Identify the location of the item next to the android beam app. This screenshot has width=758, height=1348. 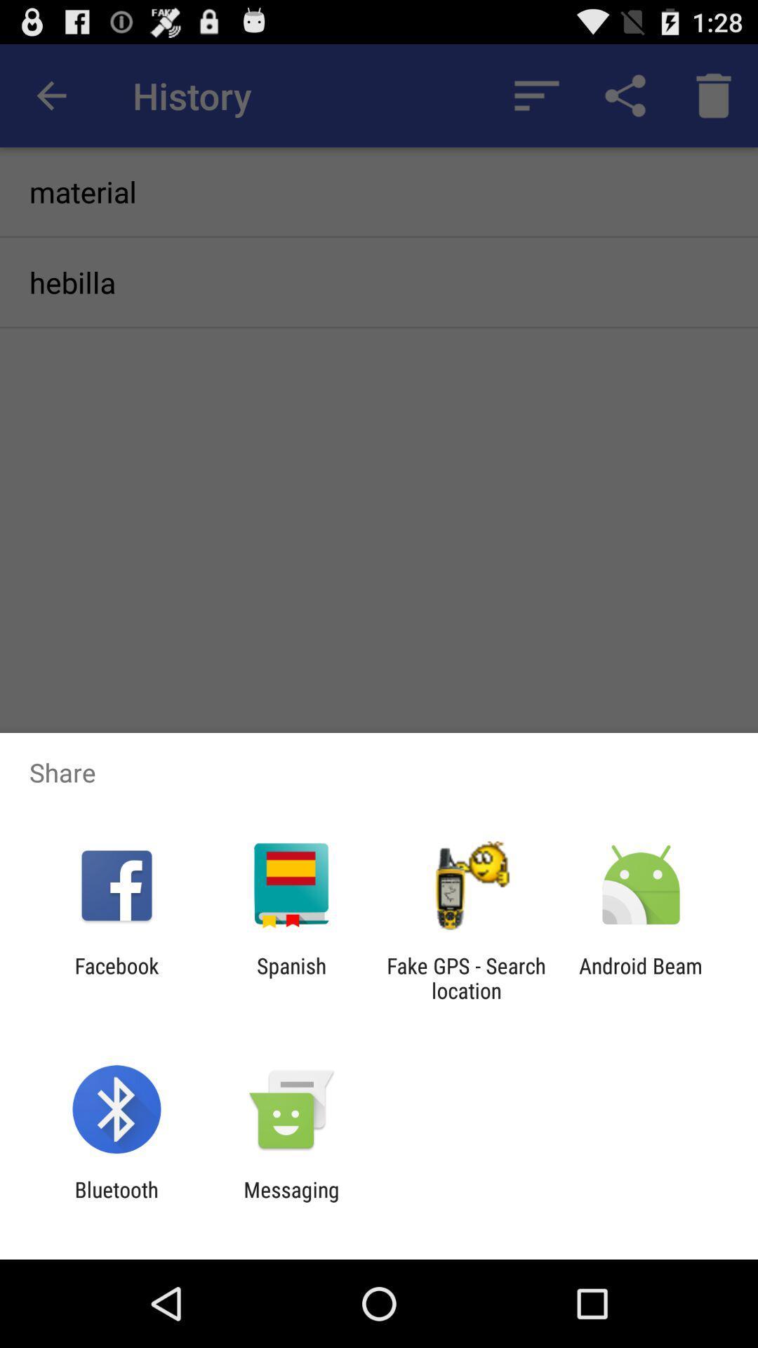
(466, 977).